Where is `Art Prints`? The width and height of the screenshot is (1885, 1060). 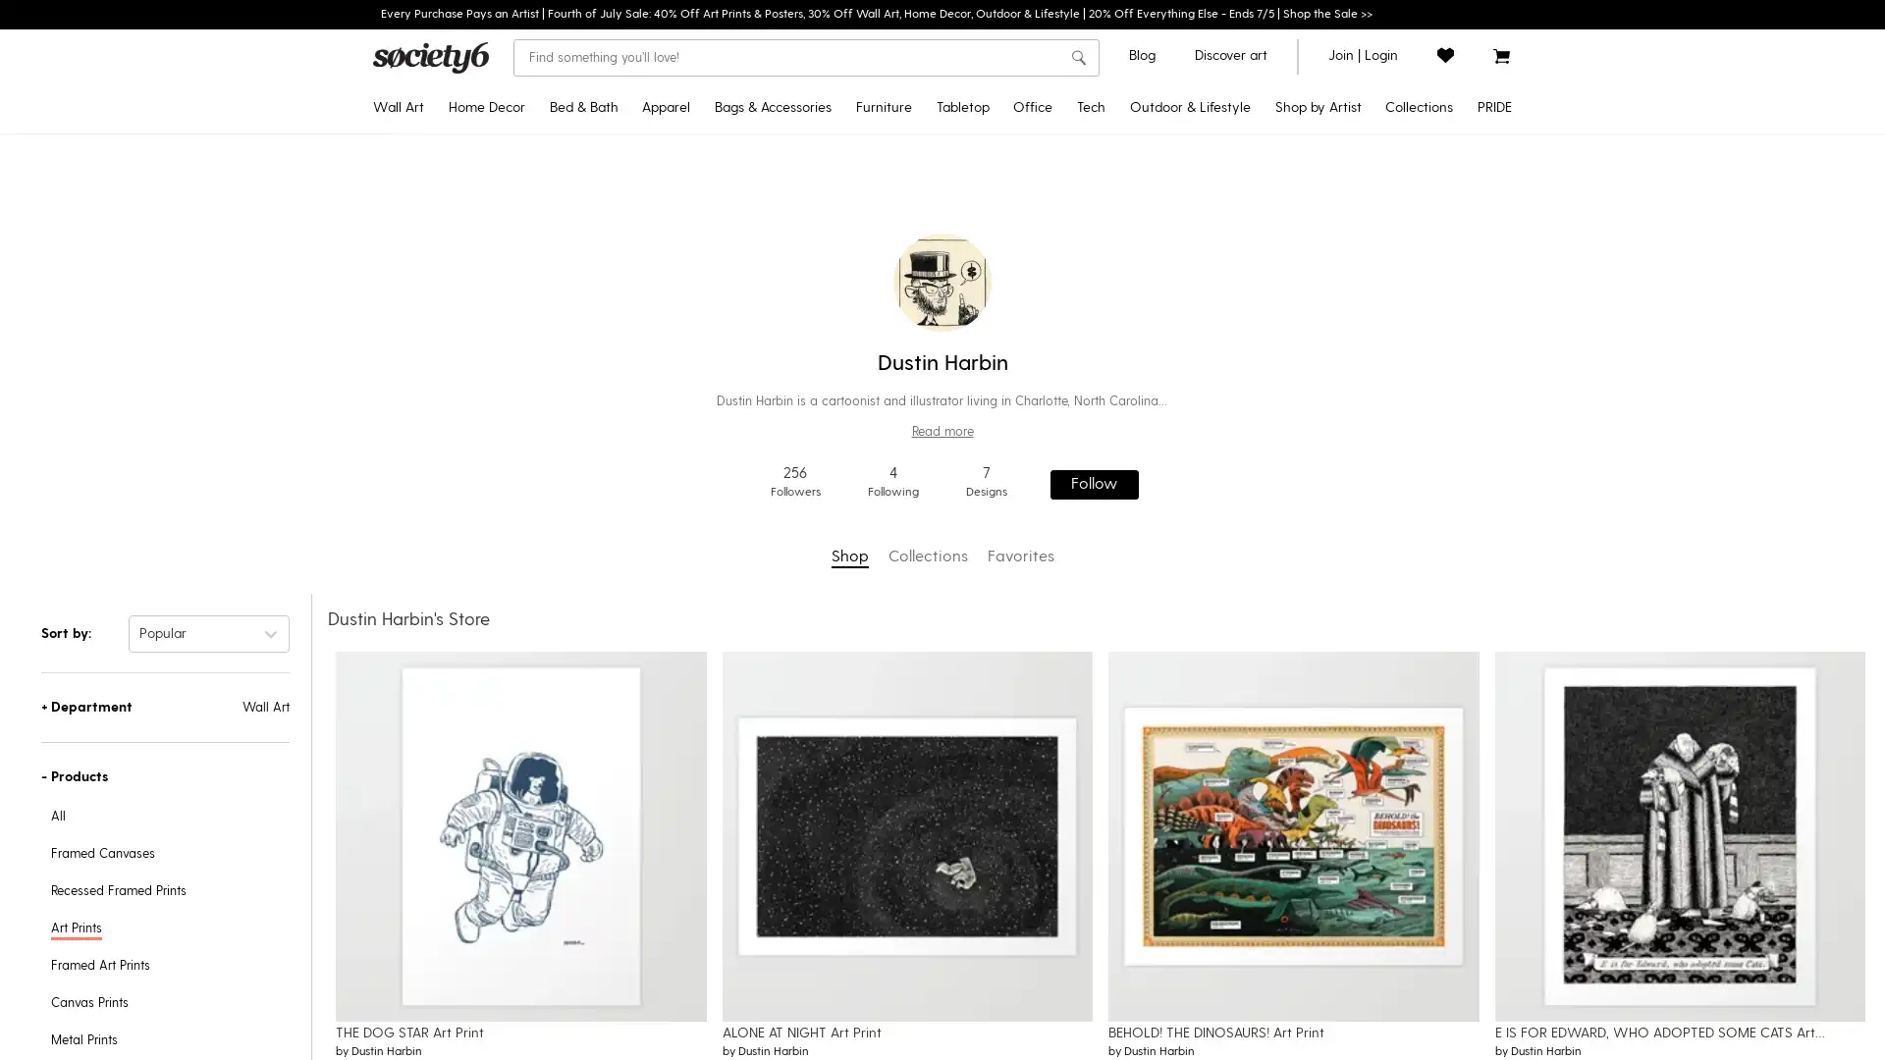 Art Prints is located at coordinates (461, 157).